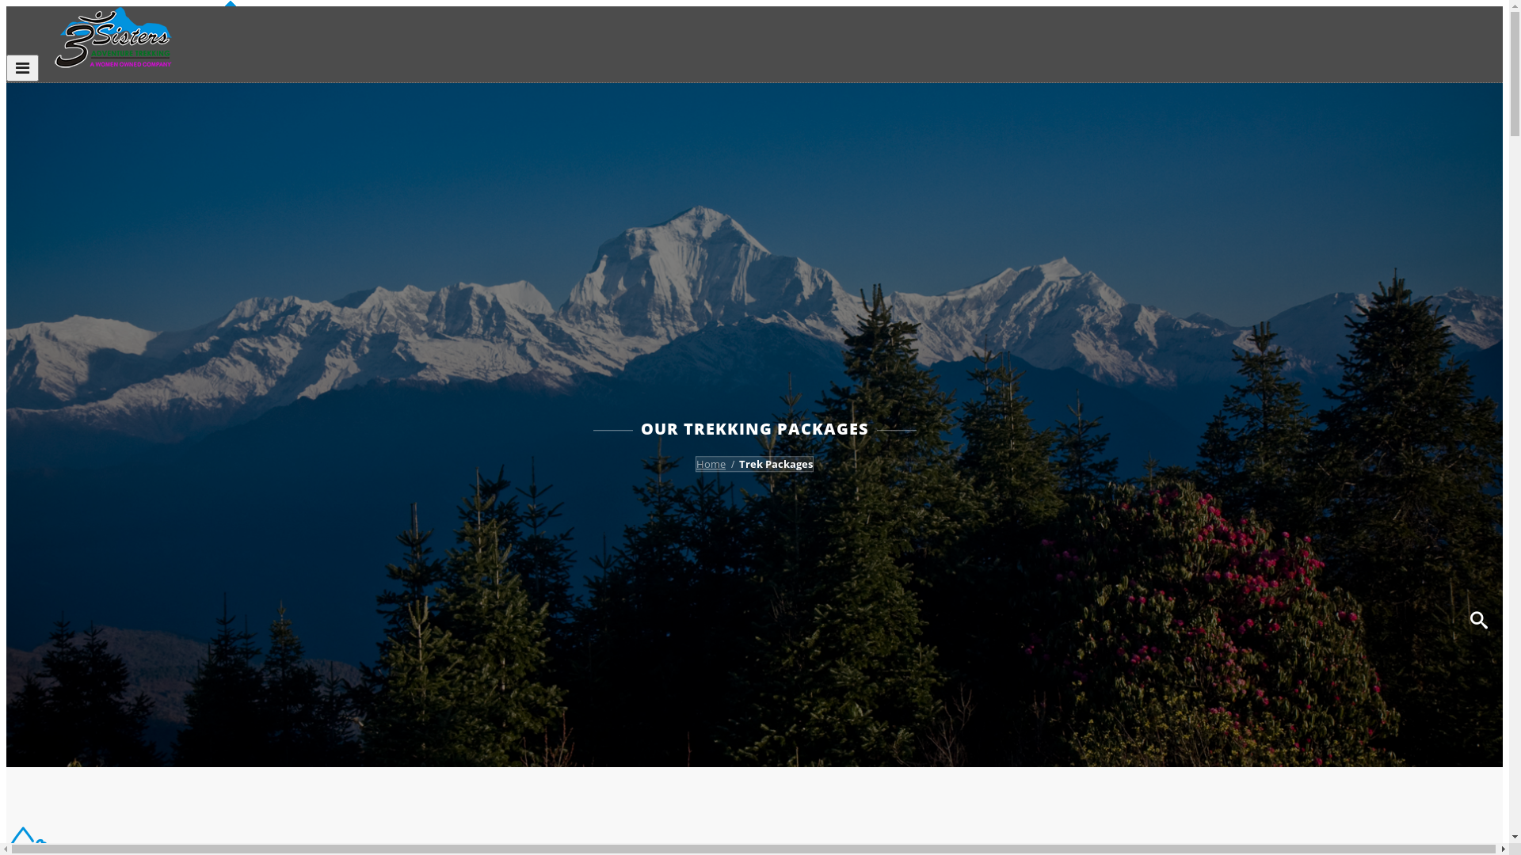 This screenshot has height=855, width=1521. I want to click on 'Toggle navigation', so click(22, 66).